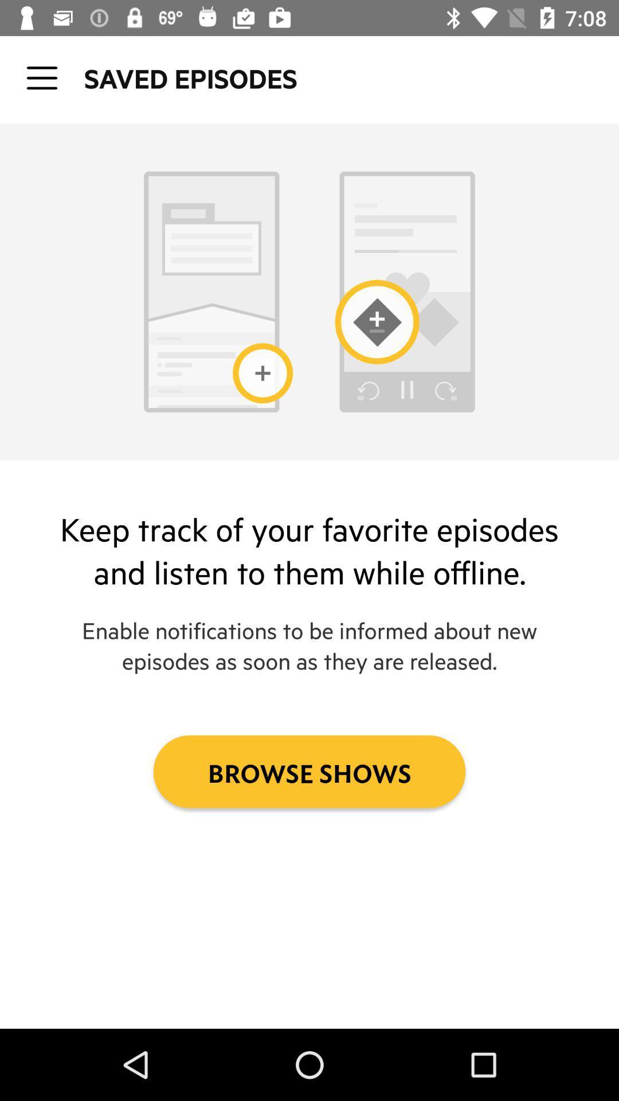 The height and width of the screenshot is (1101, 619). I want to click on menu items, so click(41, 77).